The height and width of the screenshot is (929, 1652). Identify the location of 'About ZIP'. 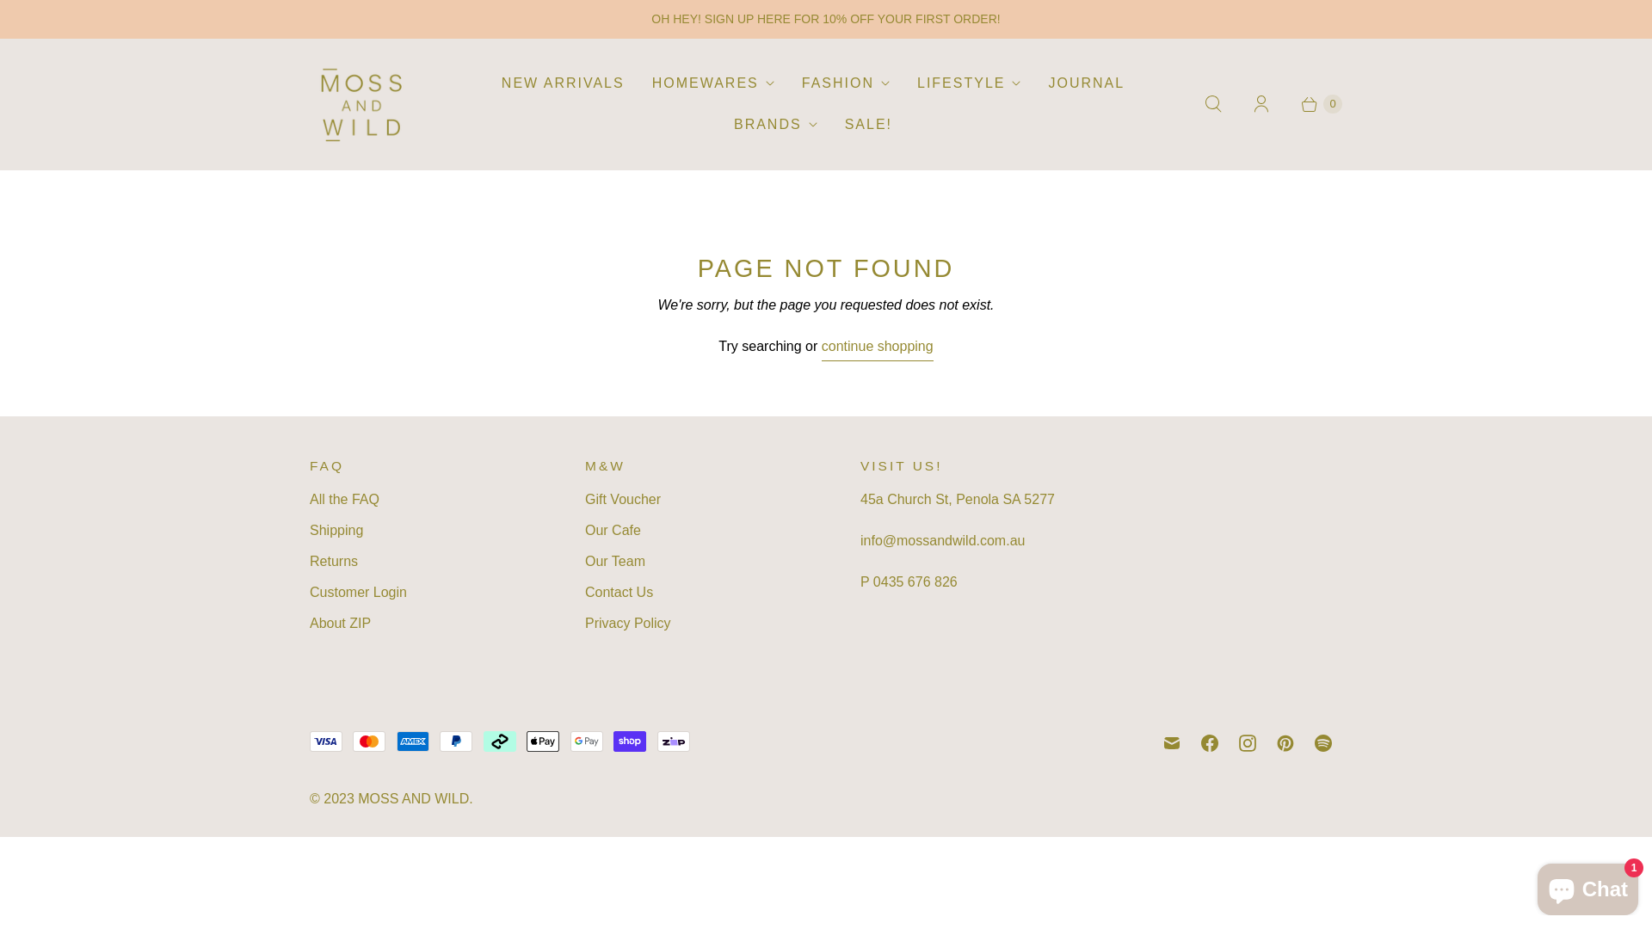
(340, 623).